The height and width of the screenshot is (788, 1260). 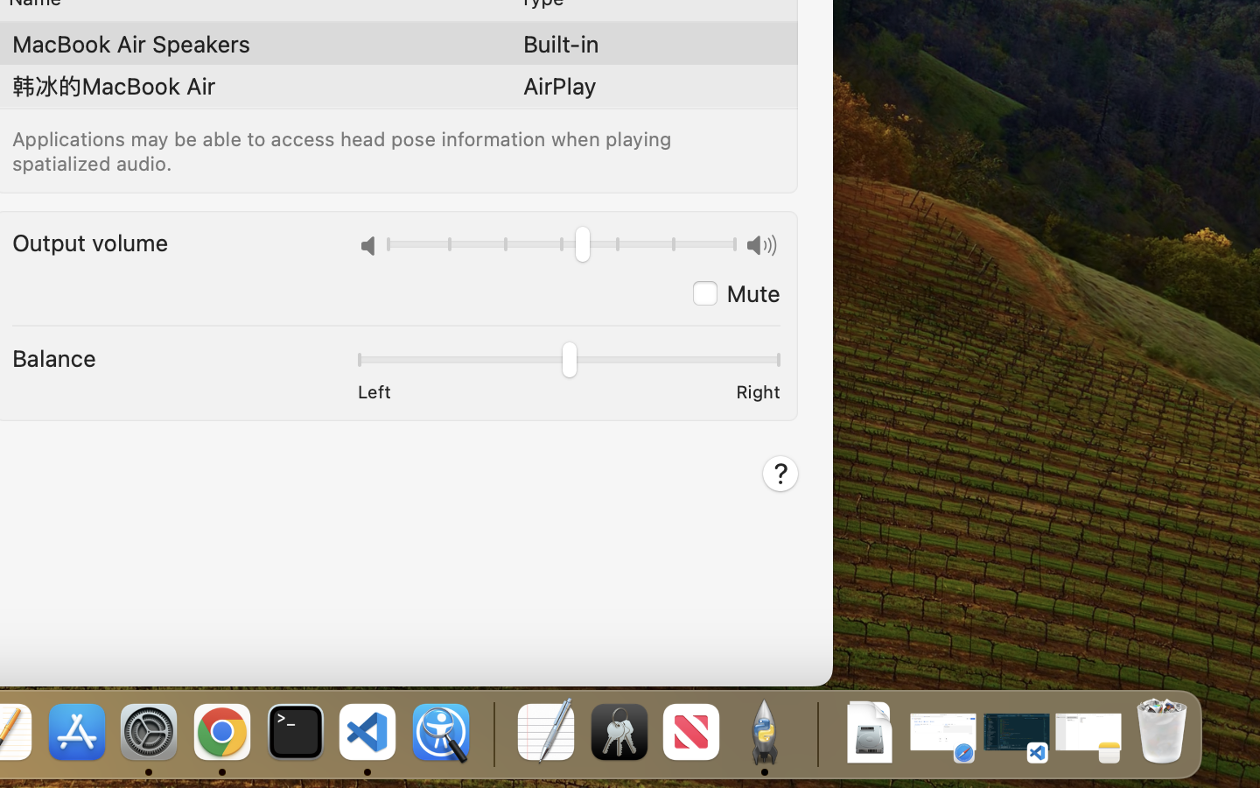 What do you see at coordinates (558, 85) in the screenshot?
I see `'AirPlay'` at bounding box center [558, 85].